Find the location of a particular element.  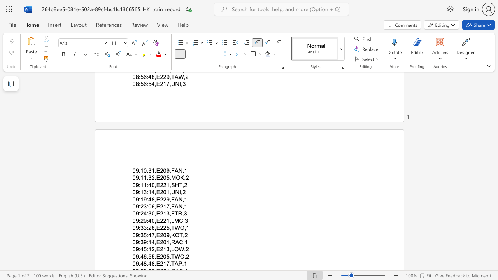

the subset text "229," within the text "09:19:48,E229,FAN,1" is located at coordinates (160, 199).